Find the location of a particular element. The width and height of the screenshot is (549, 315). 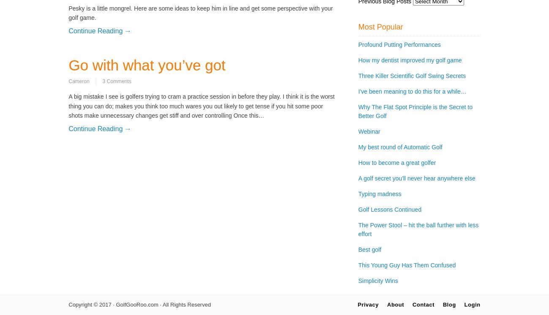

'Why The Flat Spot Principle is the Secret to Better Golf' is located at coordinates (415, 111).